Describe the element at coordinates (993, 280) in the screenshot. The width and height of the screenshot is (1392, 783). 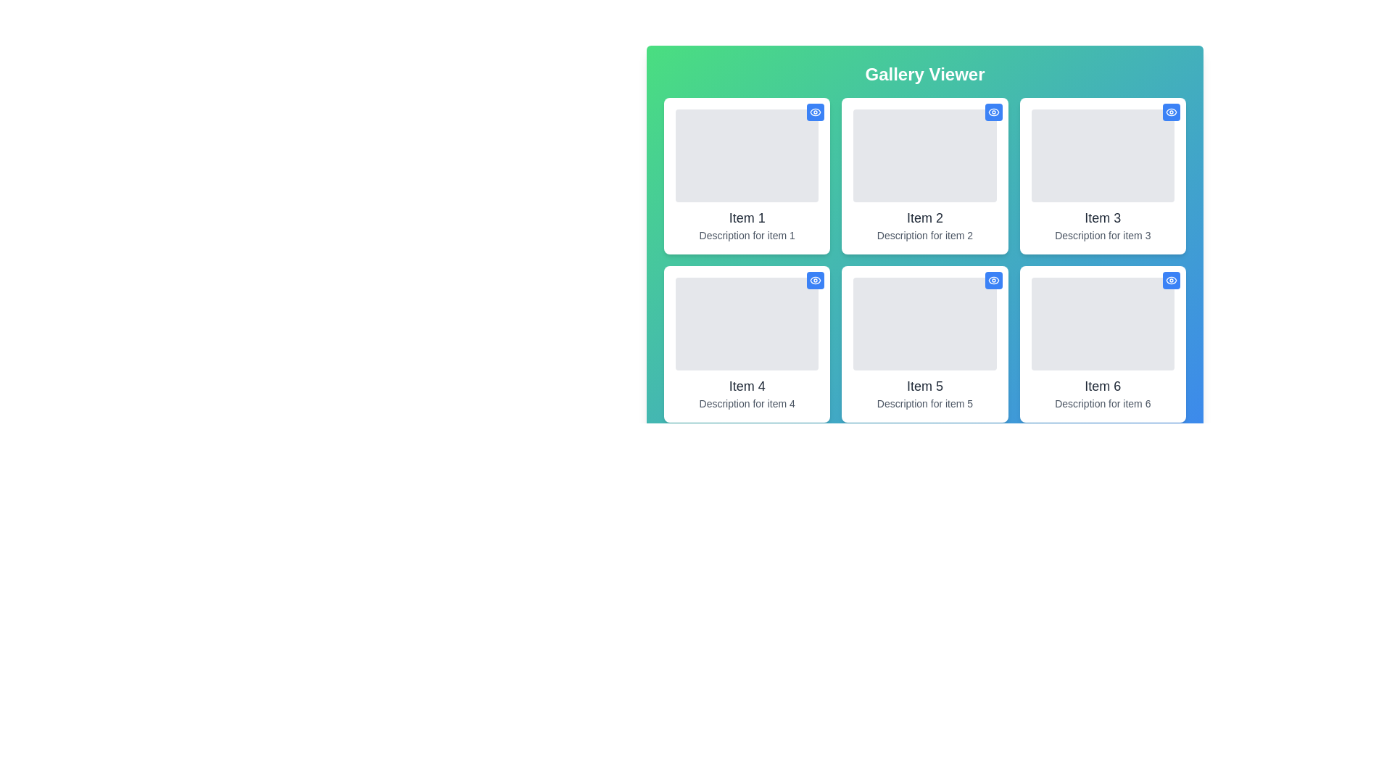
I see `the eye icon located in the top-right corner of the fifth card in a grid layout` at that location.